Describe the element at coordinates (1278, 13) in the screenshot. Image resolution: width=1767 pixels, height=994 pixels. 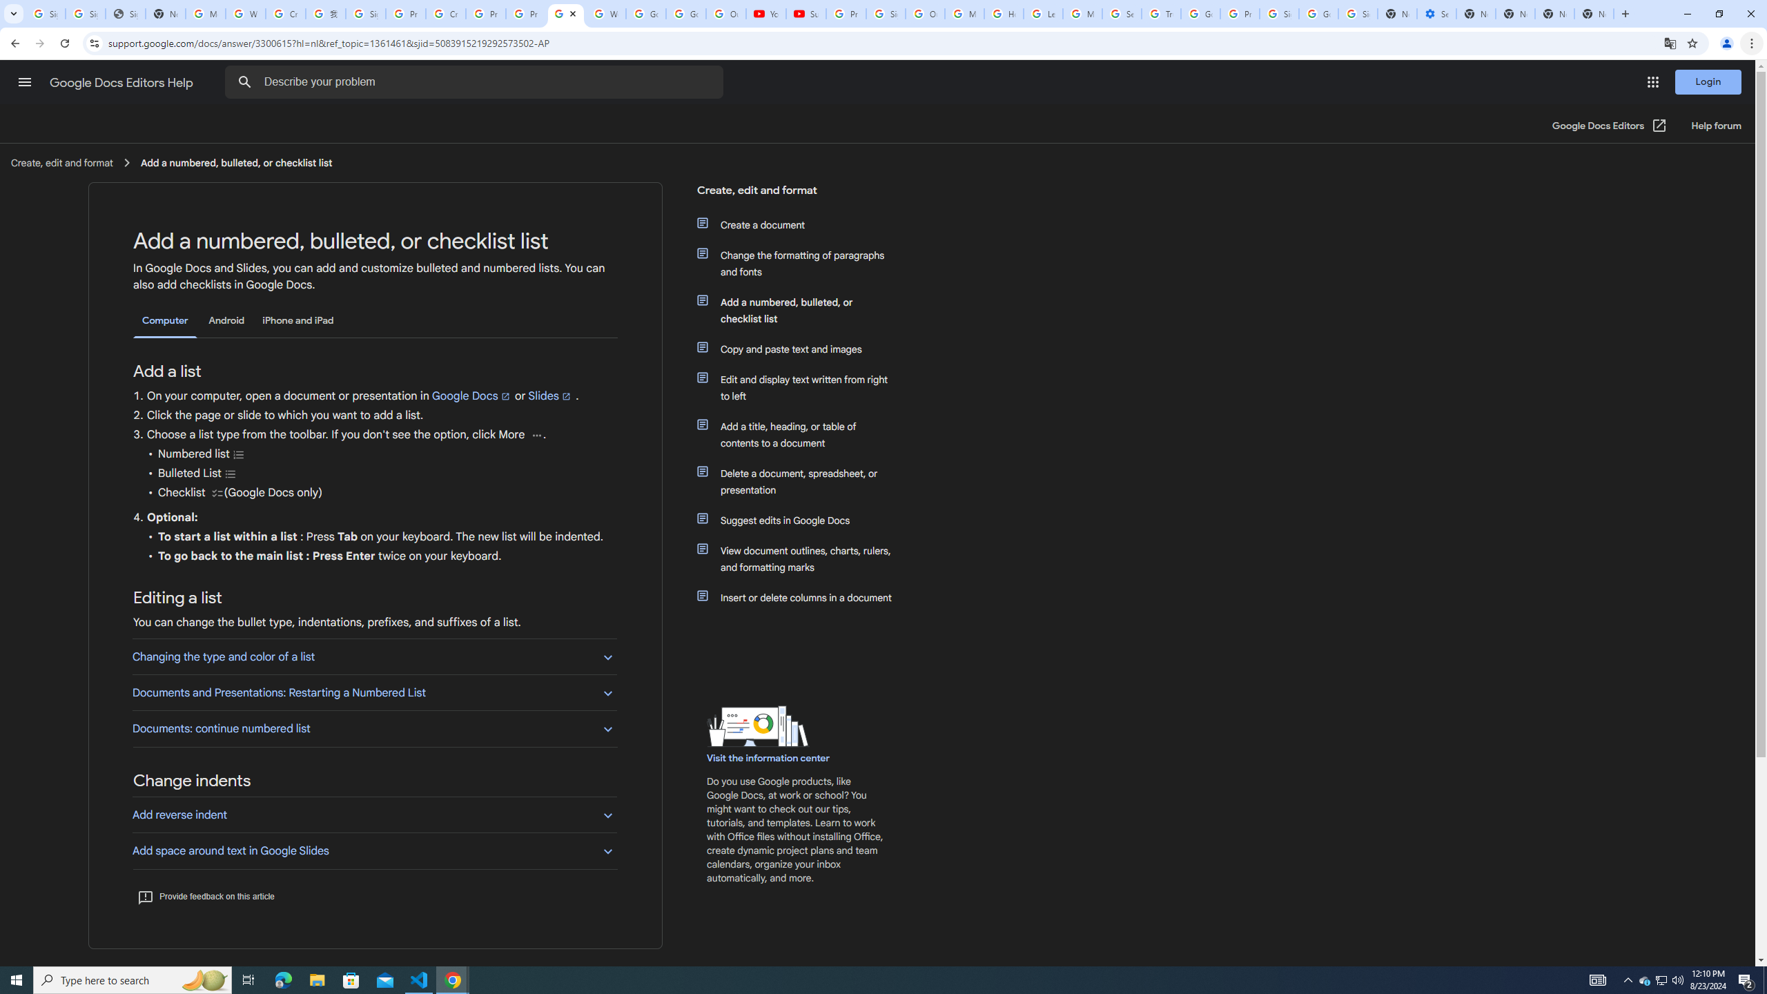
I see `'Sign in - Google Accounts'` at that location.